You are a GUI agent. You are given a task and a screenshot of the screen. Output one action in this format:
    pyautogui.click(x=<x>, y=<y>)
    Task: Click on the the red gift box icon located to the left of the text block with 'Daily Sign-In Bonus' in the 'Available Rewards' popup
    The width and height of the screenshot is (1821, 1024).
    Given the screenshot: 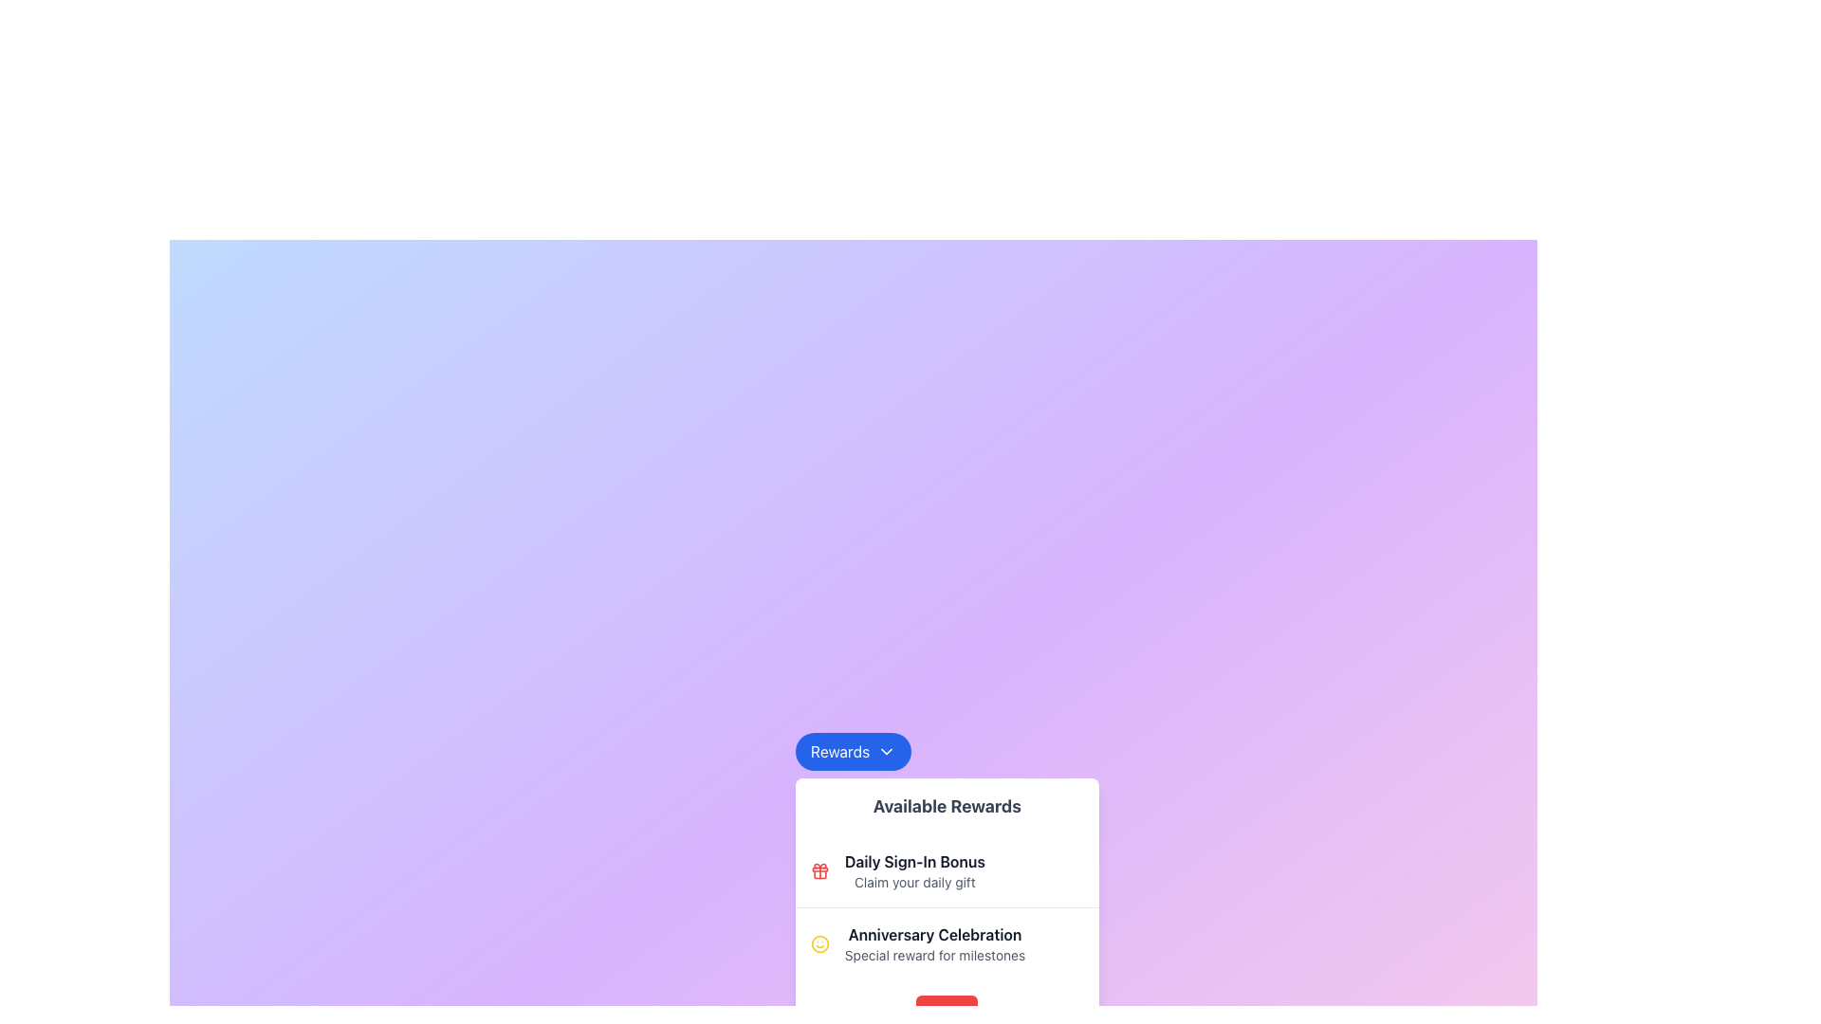 What is the action you would take?
    pyautogui.click(x=819, y=870)
    